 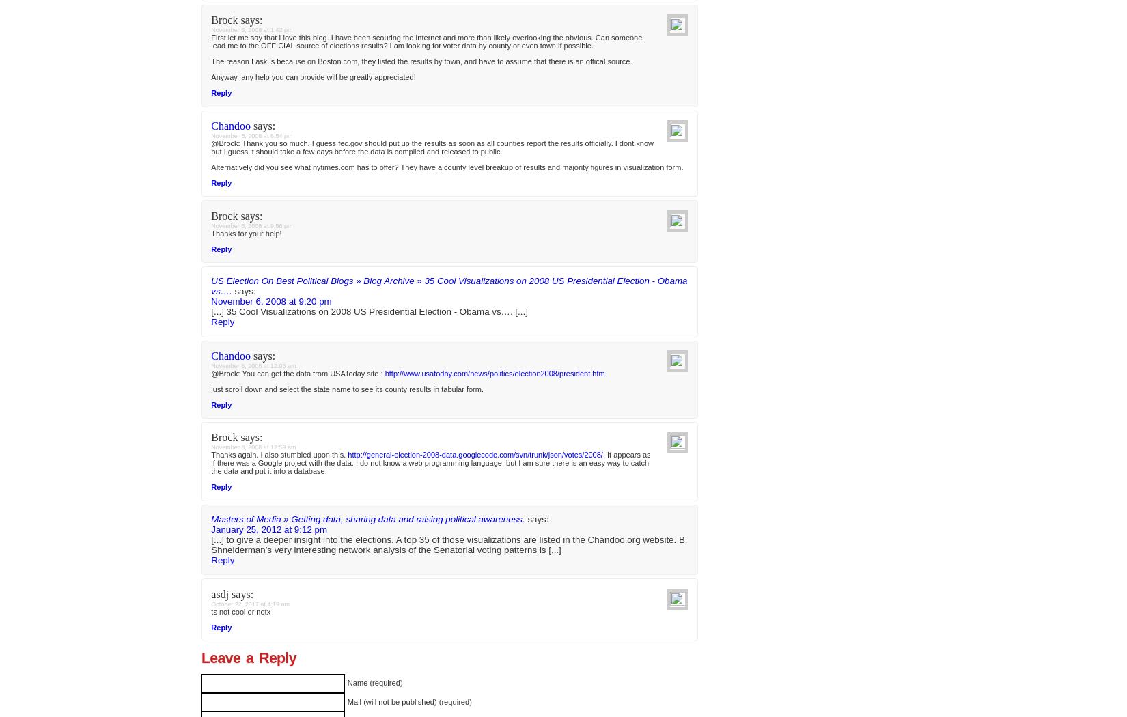 I want to click on '[...] Red vs. Blue - 35 Cool Visualizations on 2008 US Presidential Election Perspctv - another Election Tracking Site. Presidential Watch - what various websites are saying. The Economist’s pole - Economists prefer Obama over McCain. NYTimes - Poll Tracker. Gallup poll tracker… Google Maps Projections Tracker … [...]', so click(x=445, y=241).